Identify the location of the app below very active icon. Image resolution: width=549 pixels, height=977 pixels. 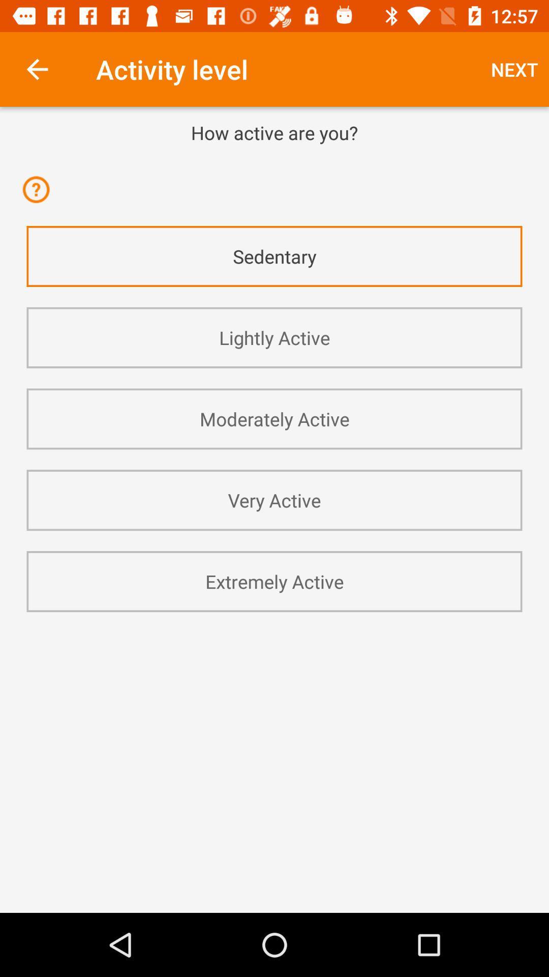
(274, 581).